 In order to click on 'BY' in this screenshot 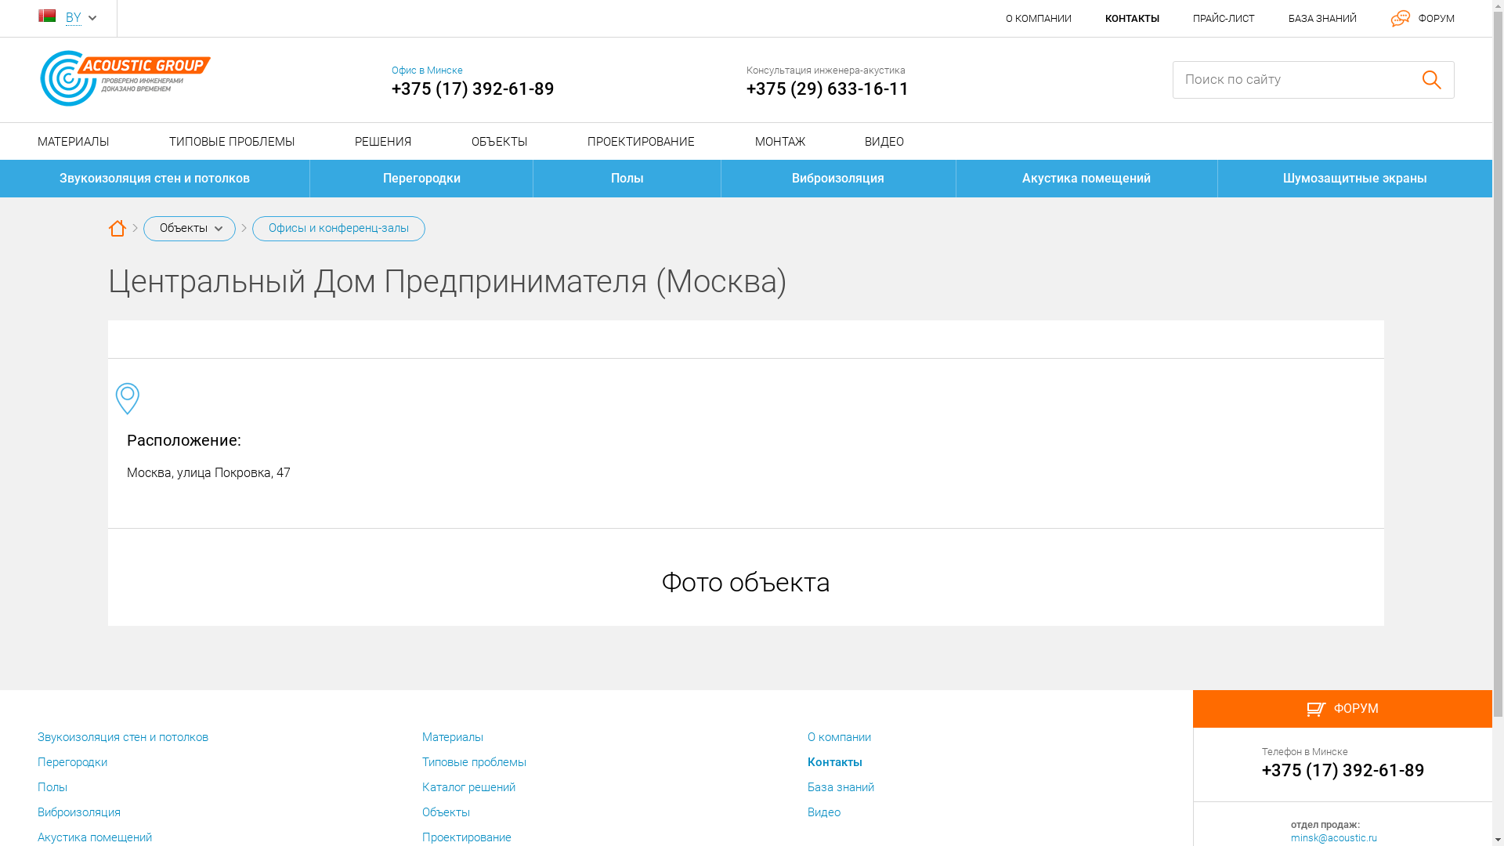, I will do `click(73, 18)`.